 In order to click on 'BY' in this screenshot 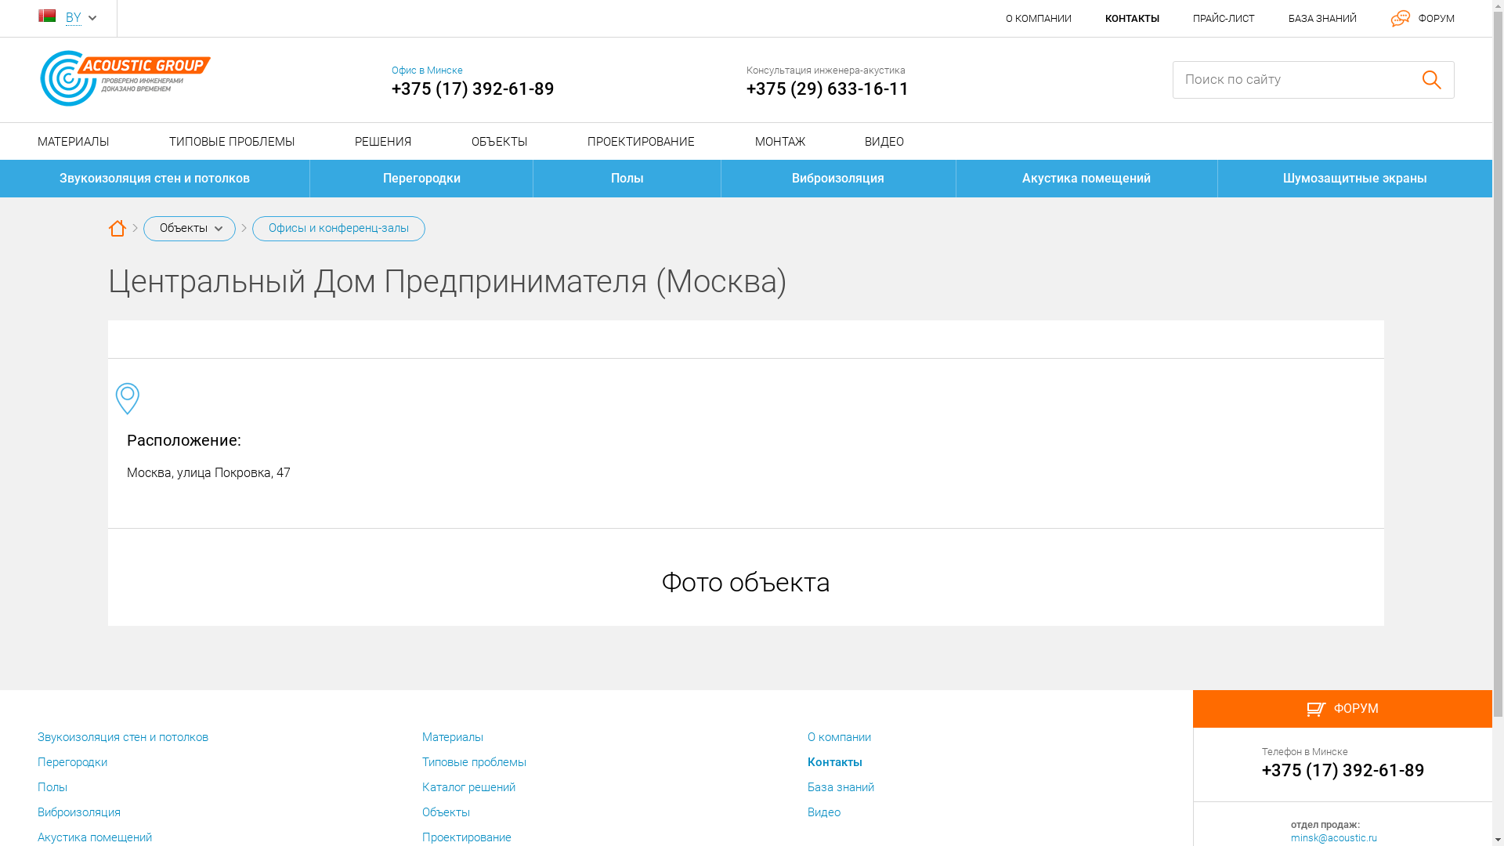, I will do `click(73, 18)`.